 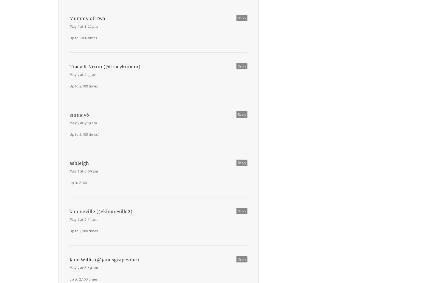 What do you see at coordinates (83, 267) in the screenshot?
I see `'May 7 at 6:49 am'` at bounding box center [83, 267].